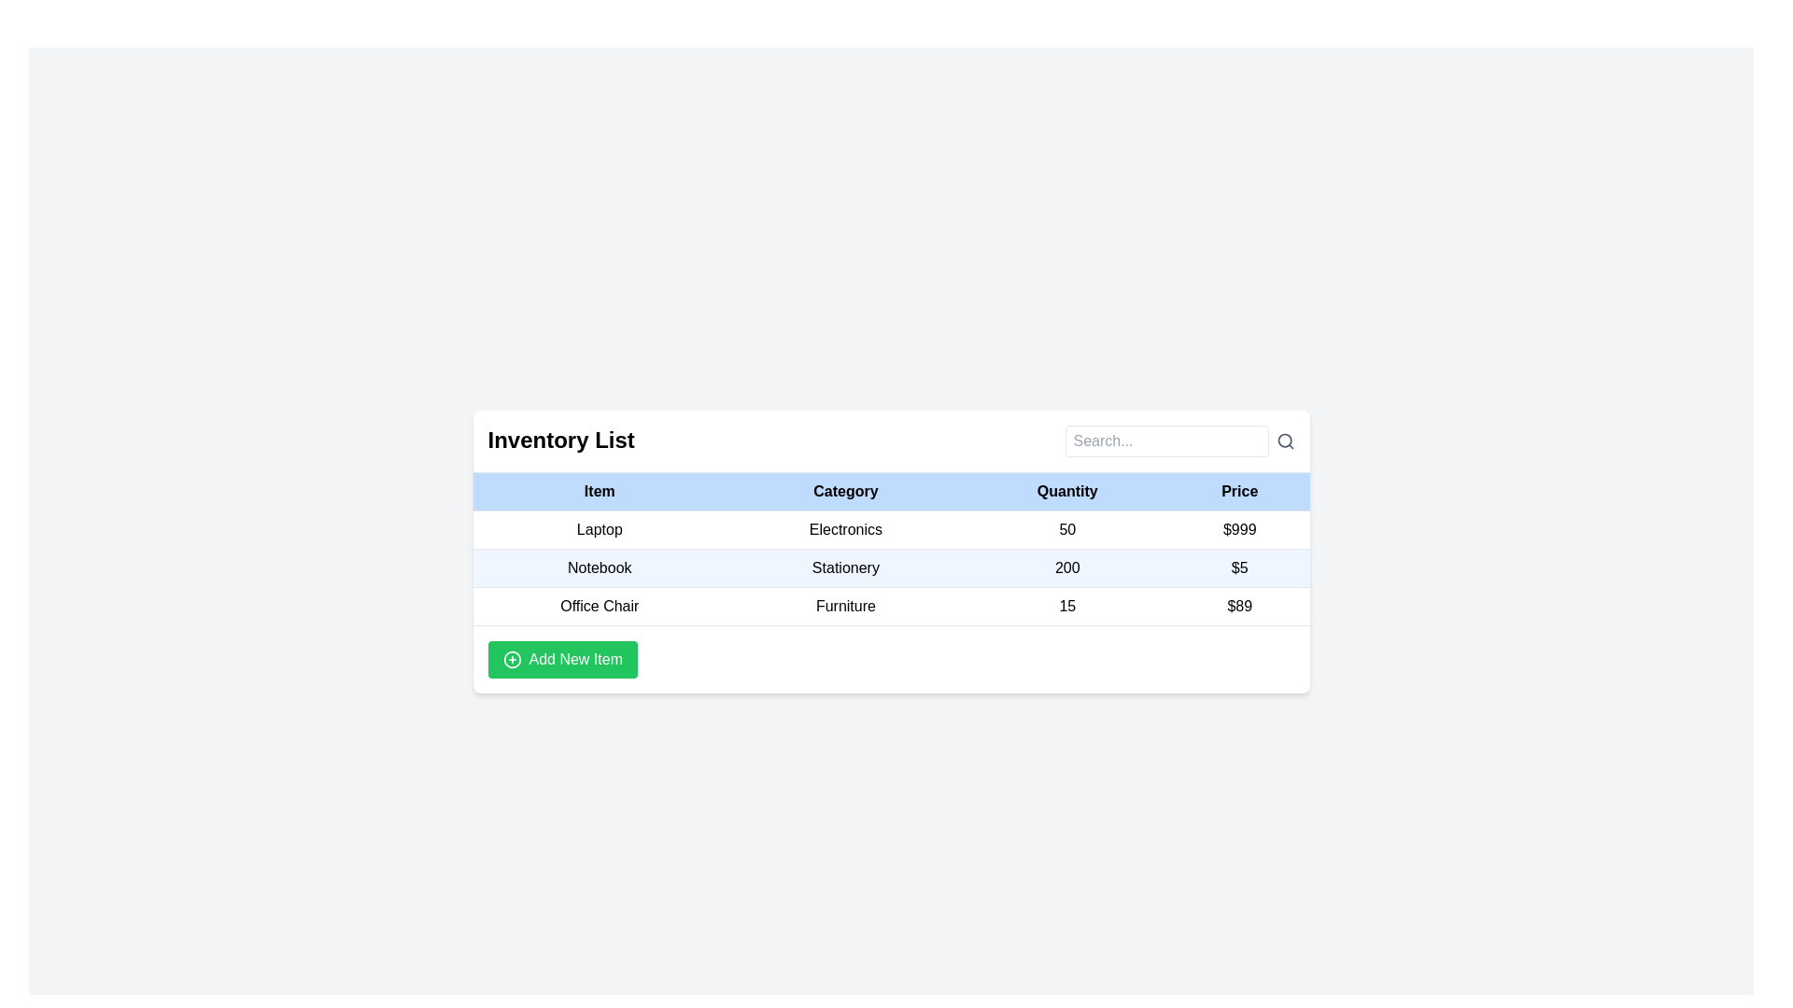 Image resolution: width=1793 pixels, height=1008 pixels. What do you see at coordinates (561, 658) in the screenshot?
I see `the 'Add Item' button located at the bottom left of the panel` at bounding box center [561, 658].